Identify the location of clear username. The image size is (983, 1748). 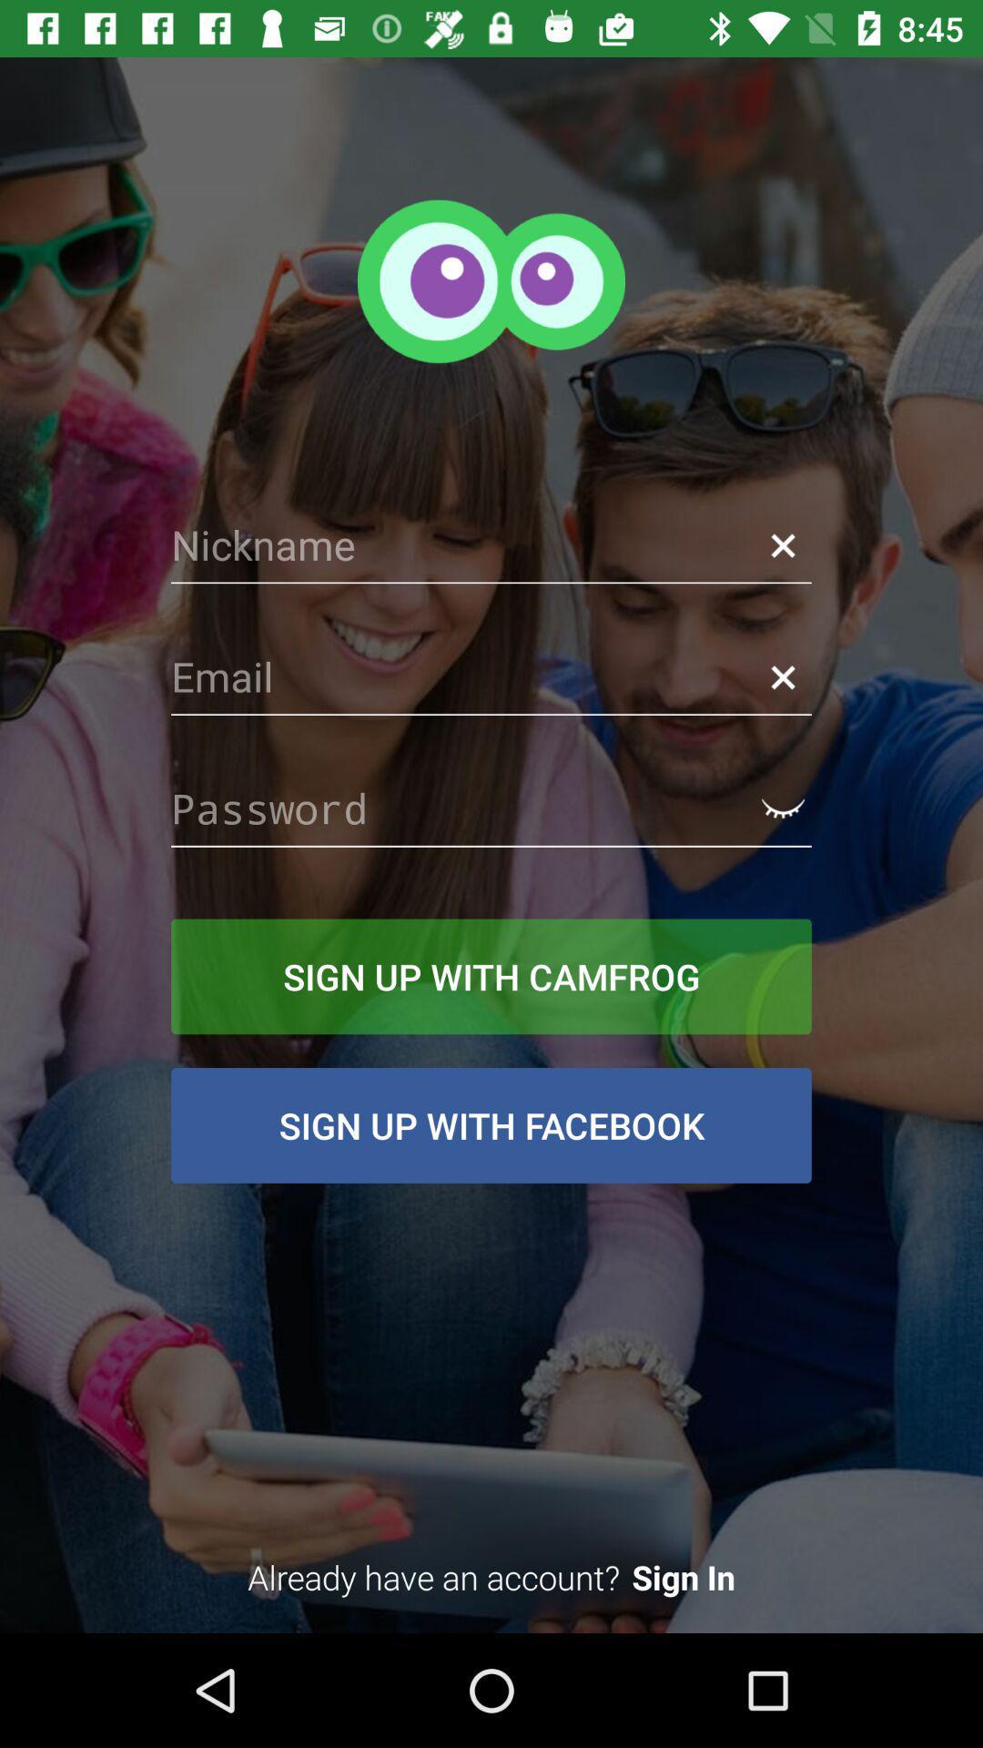
(782, 544).